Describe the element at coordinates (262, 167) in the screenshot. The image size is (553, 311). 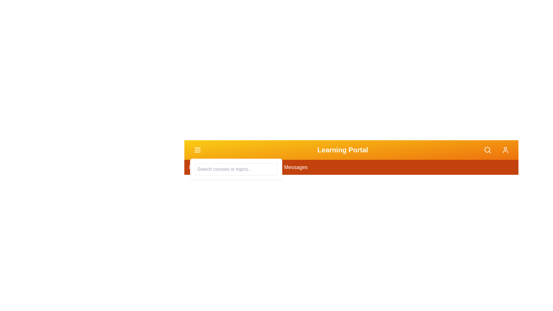
I see `the menu item Assignments to navigate to the corresponding section` at that location.